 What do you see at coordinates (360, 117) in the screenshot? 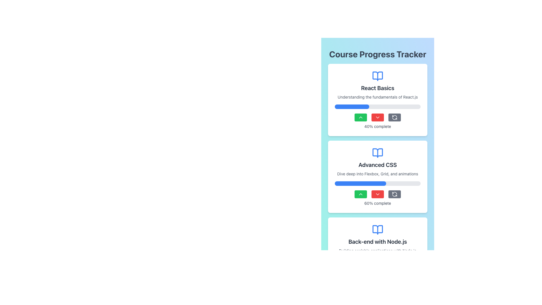
I see `the green button with white text and an upward chevron icon located in the 'React Basics' section of the course tracker interface` at bounding box center [360, 117].